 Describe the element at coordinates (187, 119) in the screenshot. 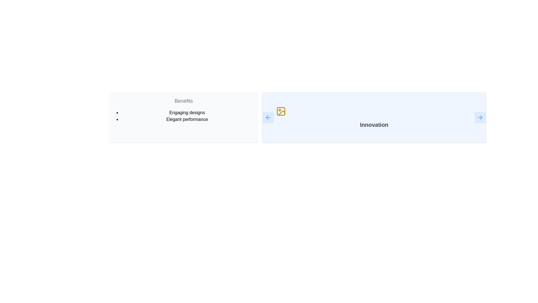

I see `text 'Elegant performance' which is the second item in the bulleted list under the heading 'Benefits'` at that location.